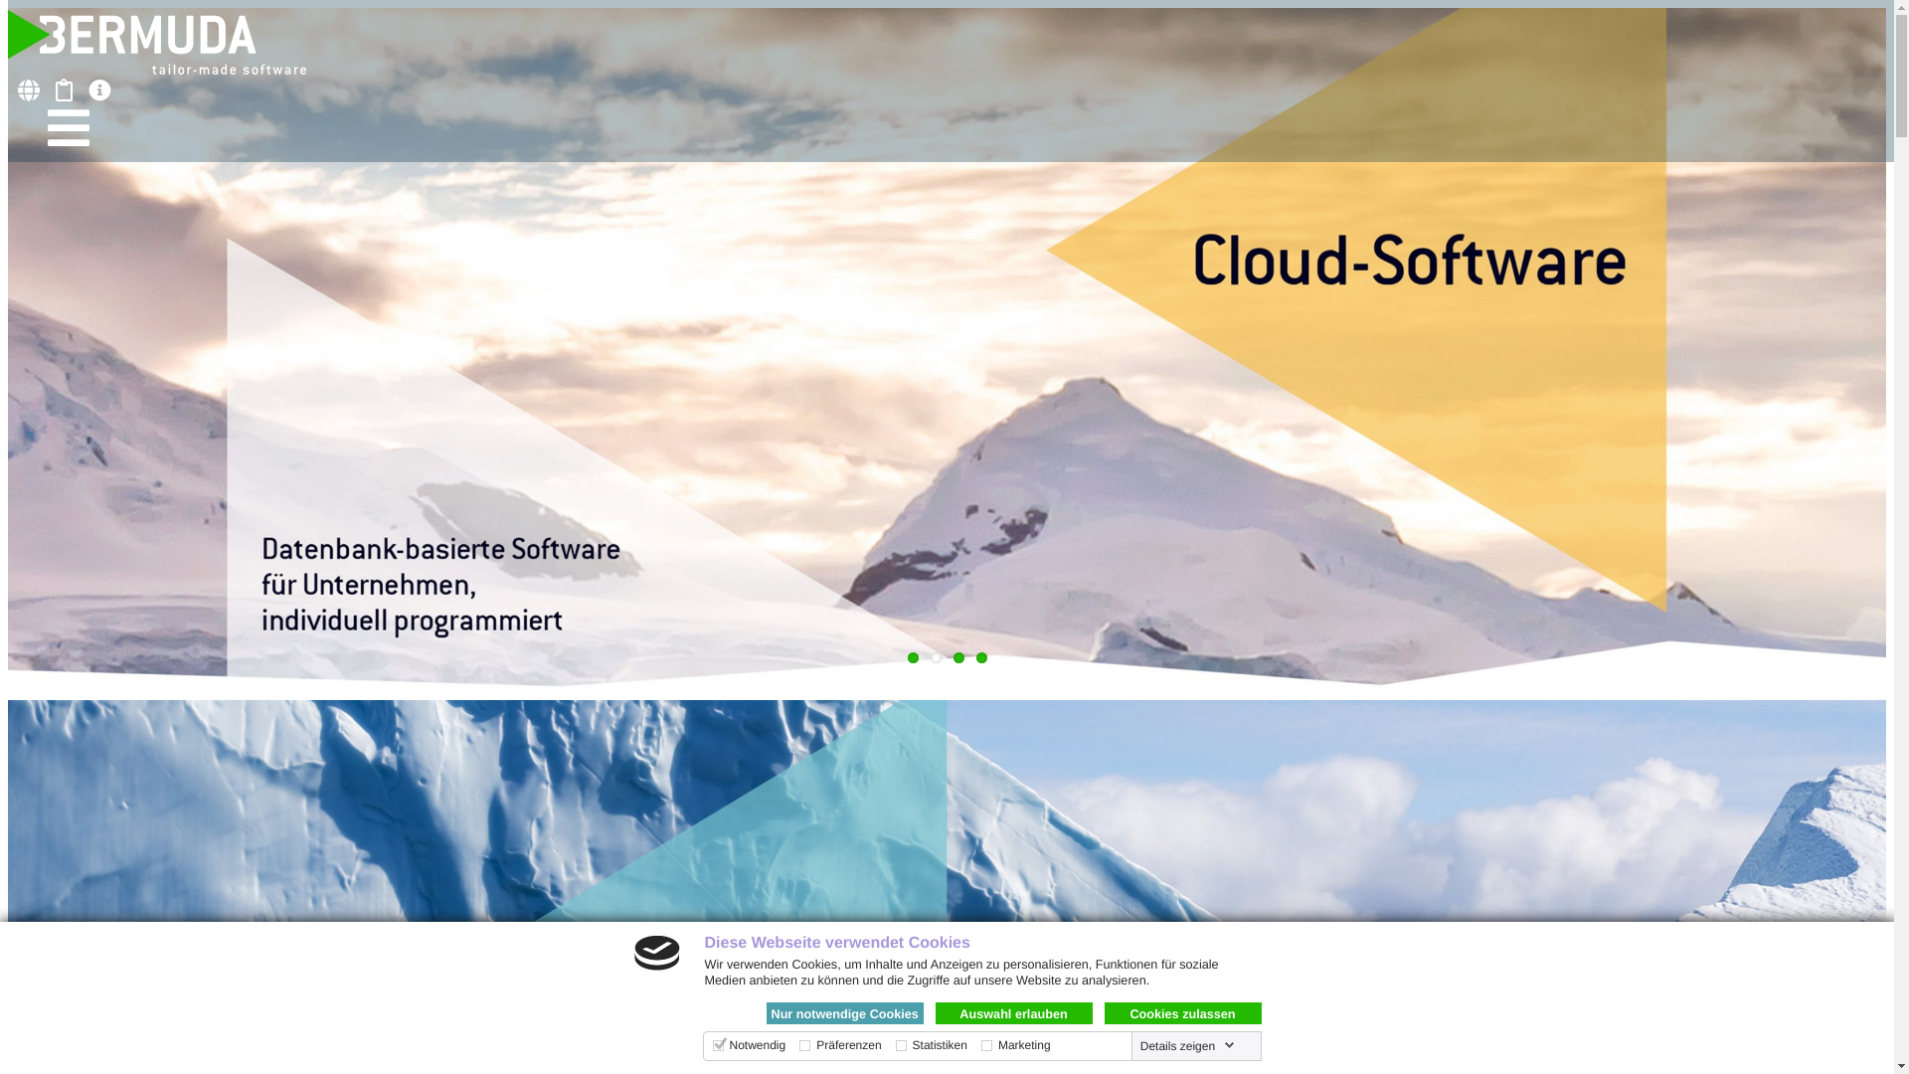 Image resolution: width=1909 pixels, height=1074 pixels. I want to click on 'Nur notwendige Cookies', so click(844, 1012).